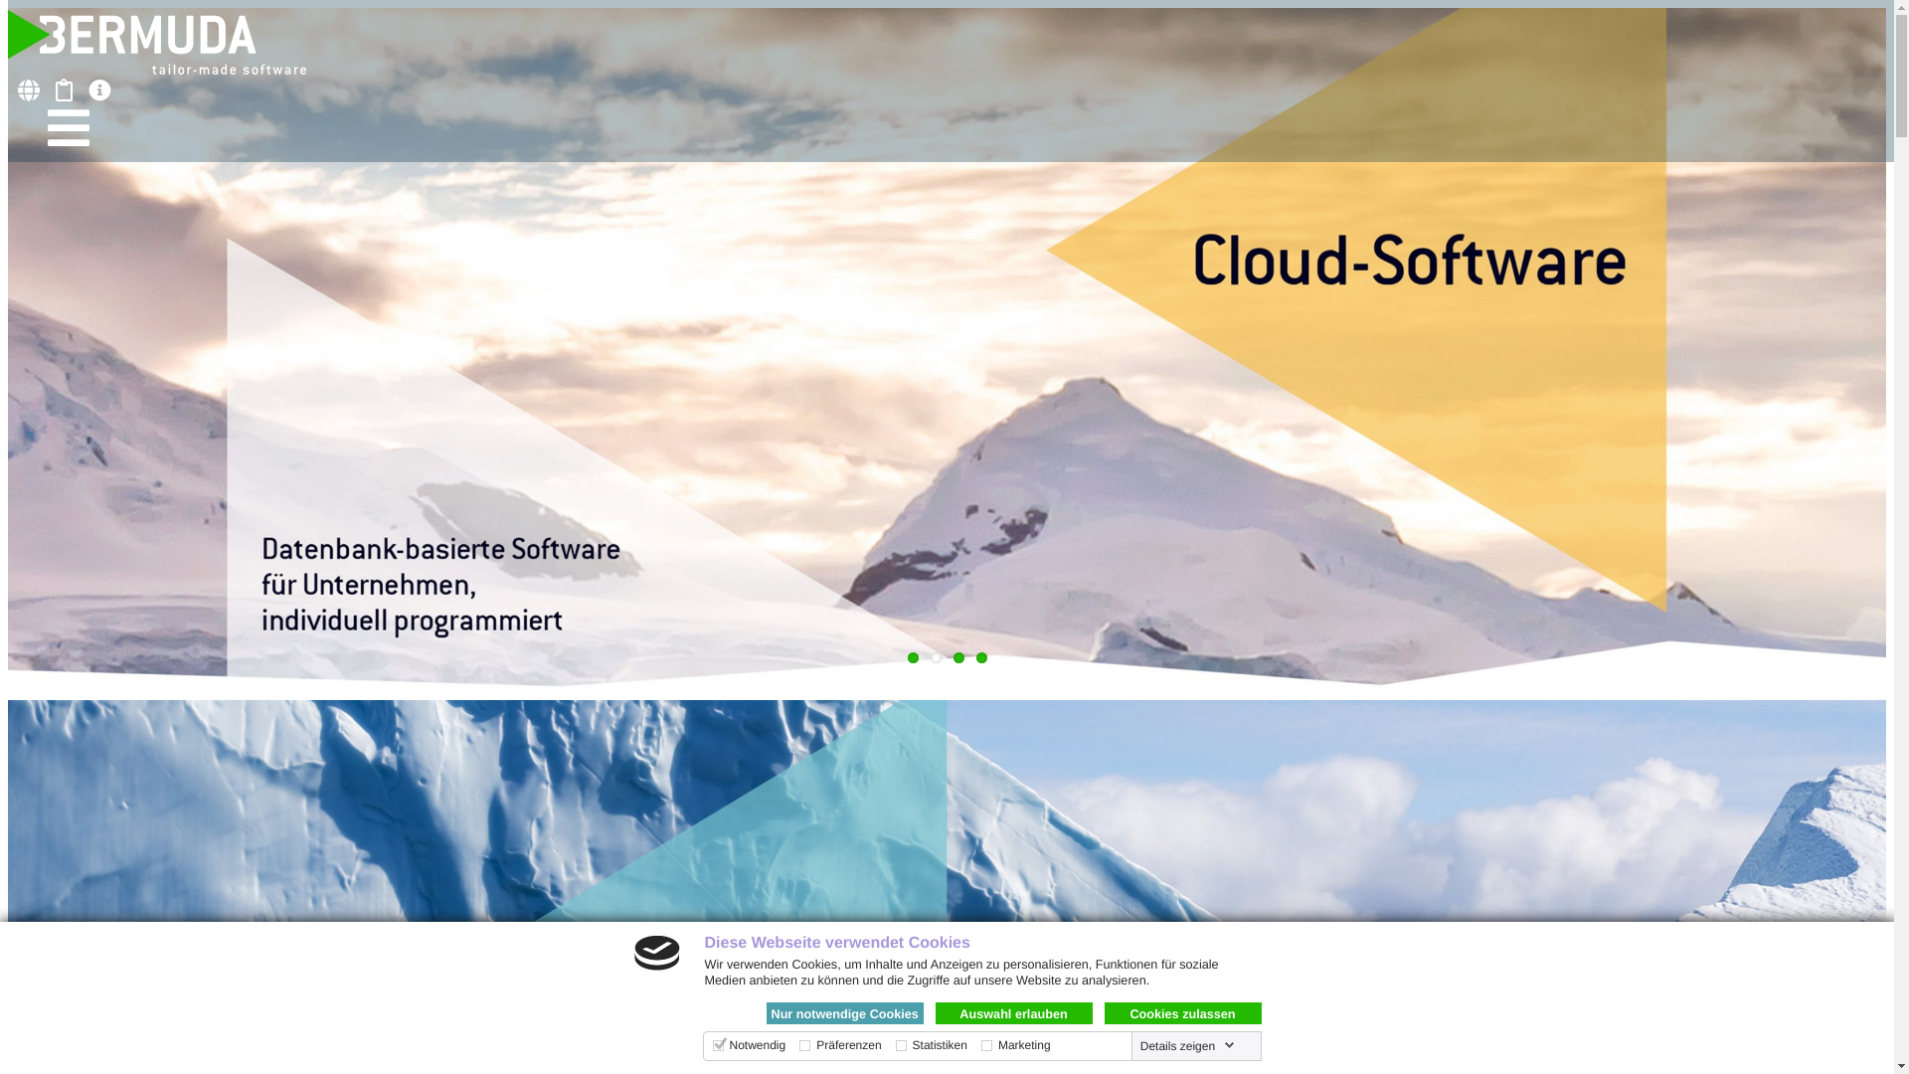 Image resolution: width=1909 pixels, height=1074 pixels. I want to click on 'Nur notwendige Cookies', so click(844, 1012).